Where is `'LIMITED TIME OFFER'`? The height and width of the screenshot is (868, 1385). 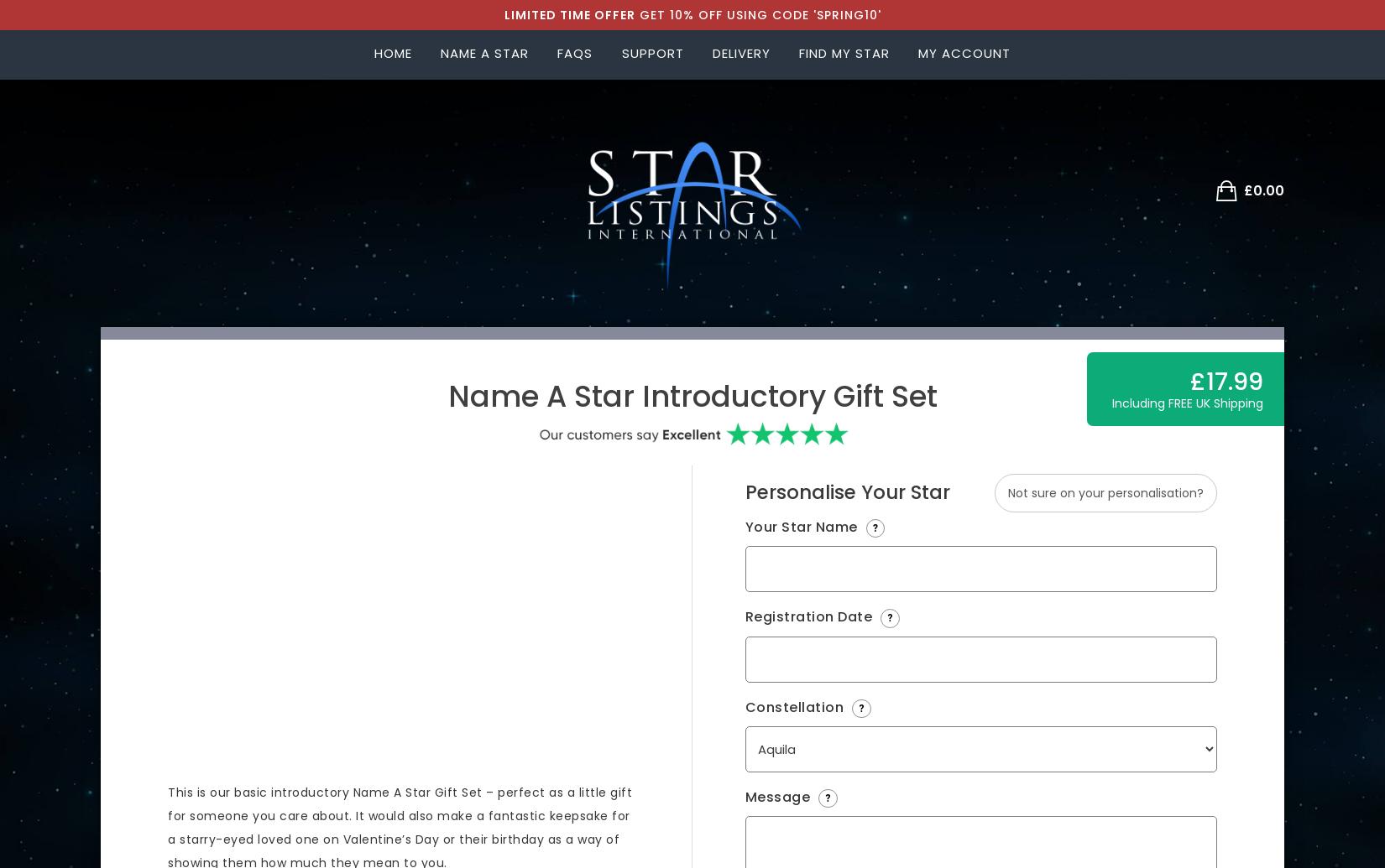
'LIMITED TIME OFFER' is located at coordinates (567, 15).